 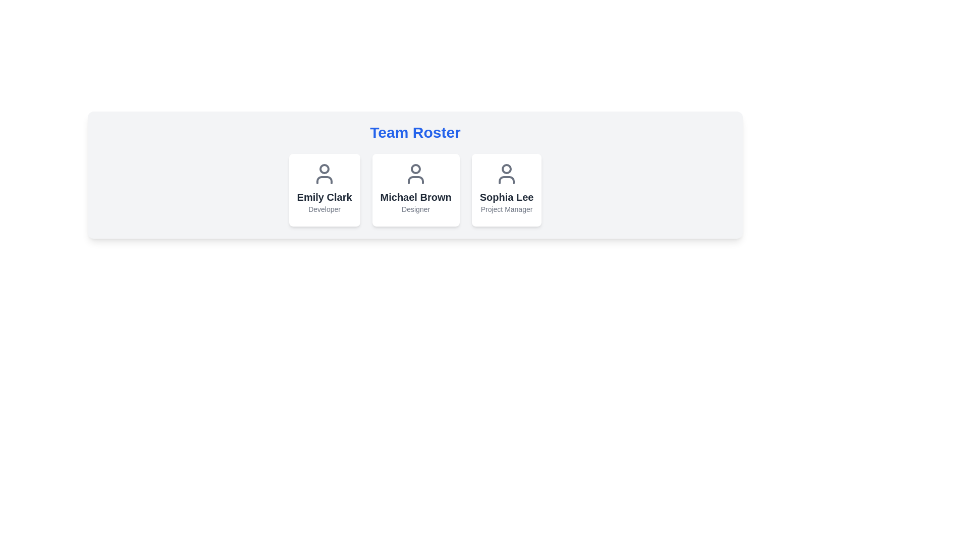 I want to click on the text label that identifies 'Sophia Lee', which is the third card in the row under 'Team Roster', so click(x=506, y=197).